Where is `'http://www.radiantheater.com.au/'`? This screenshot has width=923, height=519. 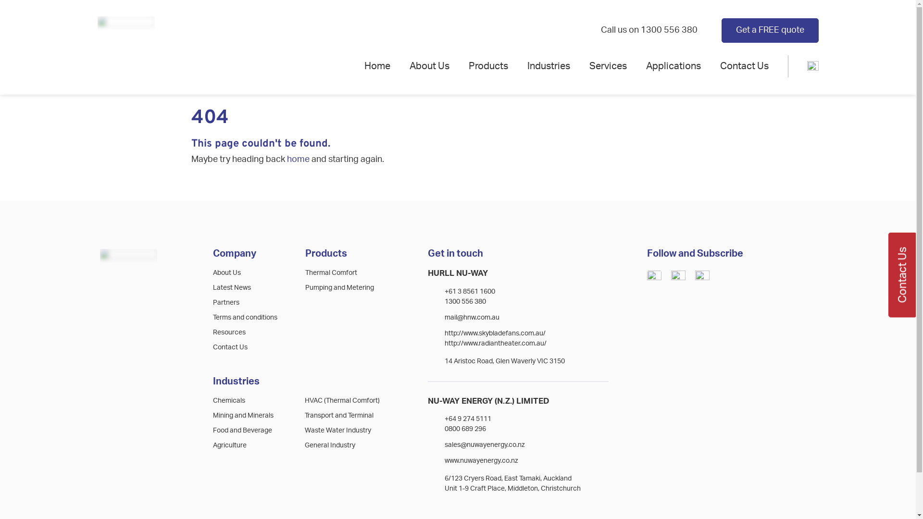 'http://www.radiantheater.com.au/' is located at coordinates (496, 343).